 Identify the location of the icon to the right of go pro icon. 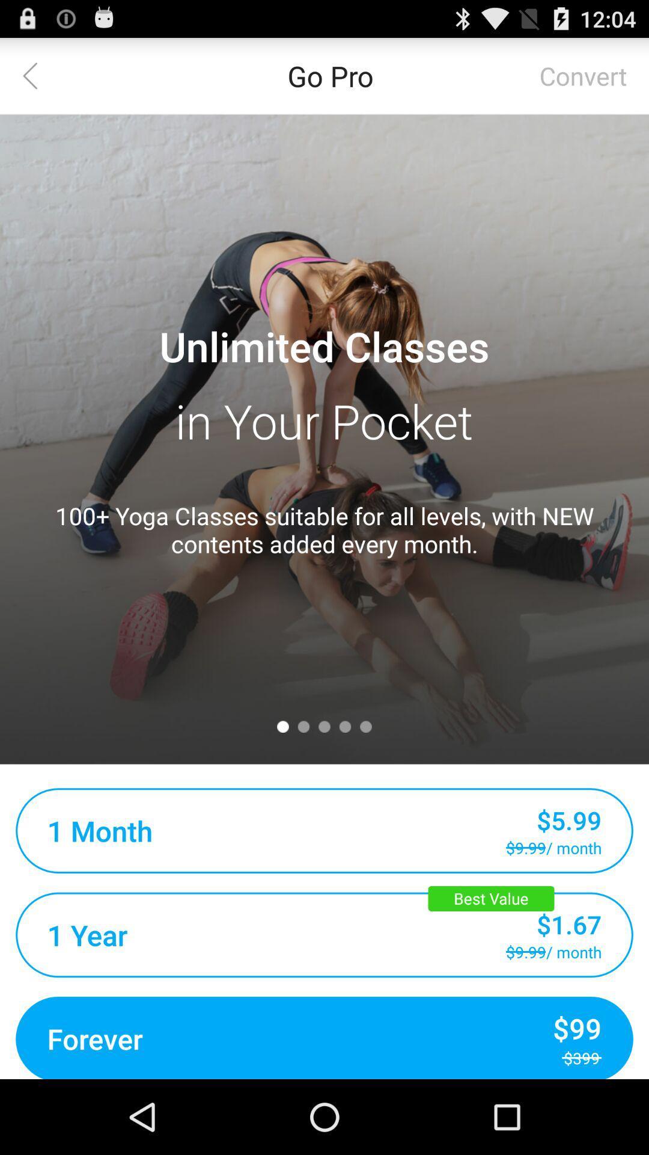
(582, 75).